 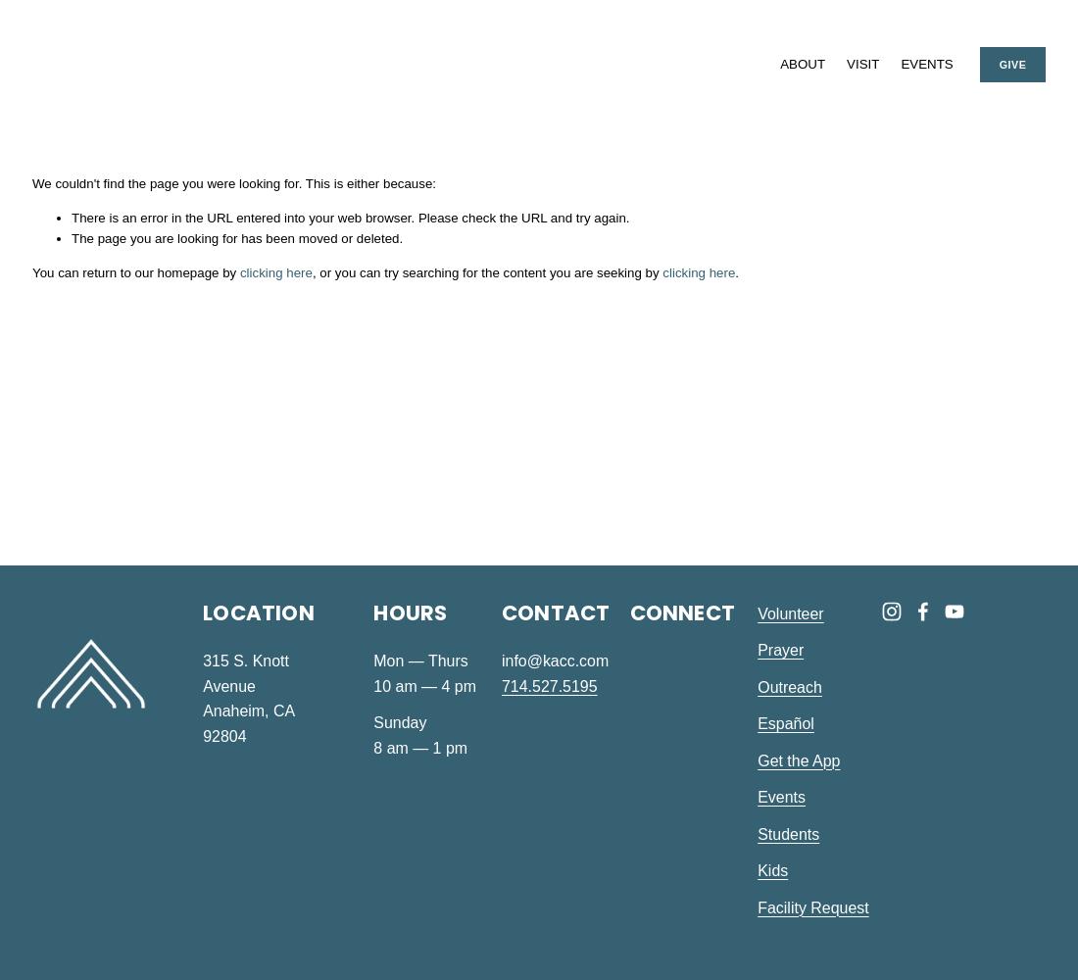 I want to click on '.', so click(x=735, y=271).